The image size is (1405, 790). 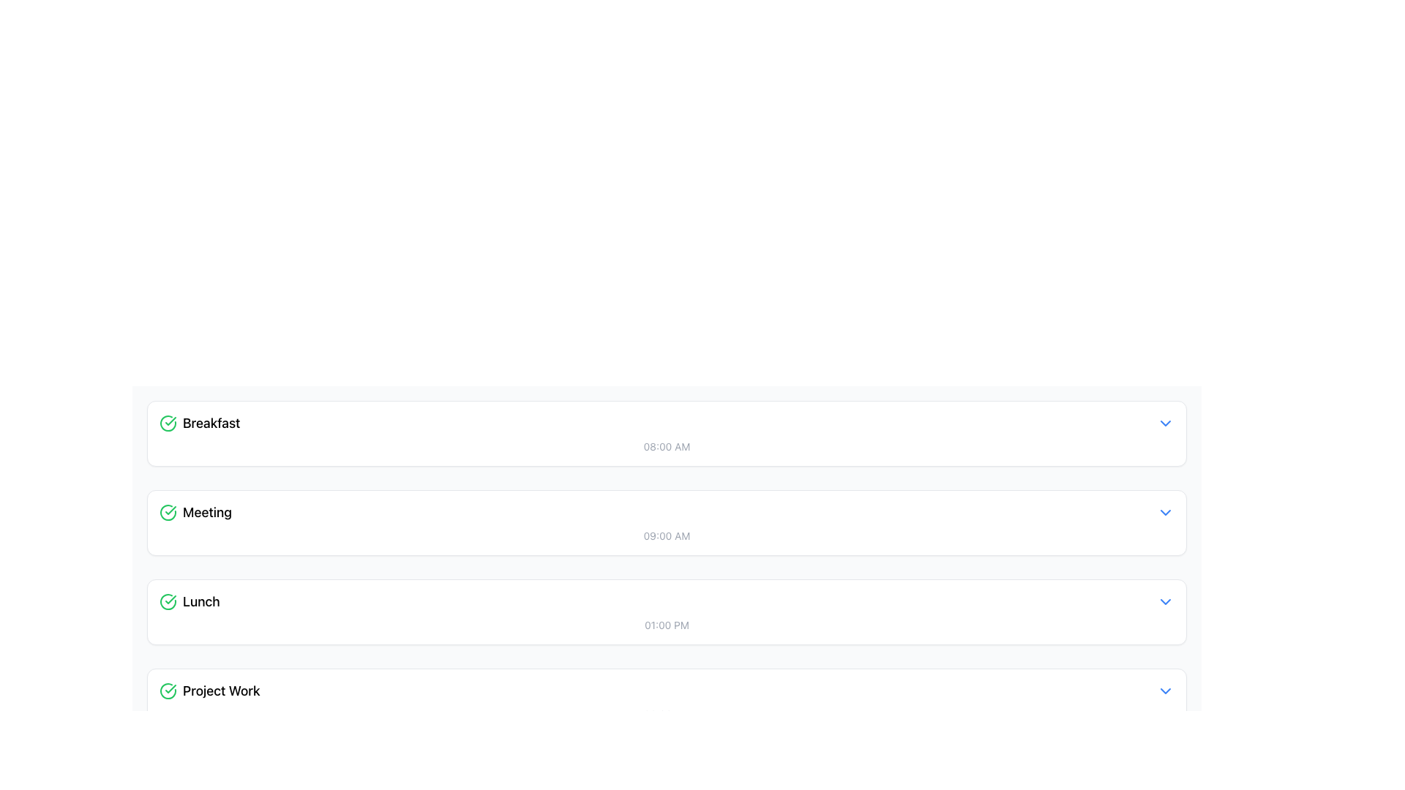 What do you see at coordinates (206, 512) in the screenshot?
I see `the 'Meeting' text label located in the second row of the list, which is positioned to the right of a green check-circle icon and serves as a descriptor for a scheduled task` at bounding box center [206, 512].